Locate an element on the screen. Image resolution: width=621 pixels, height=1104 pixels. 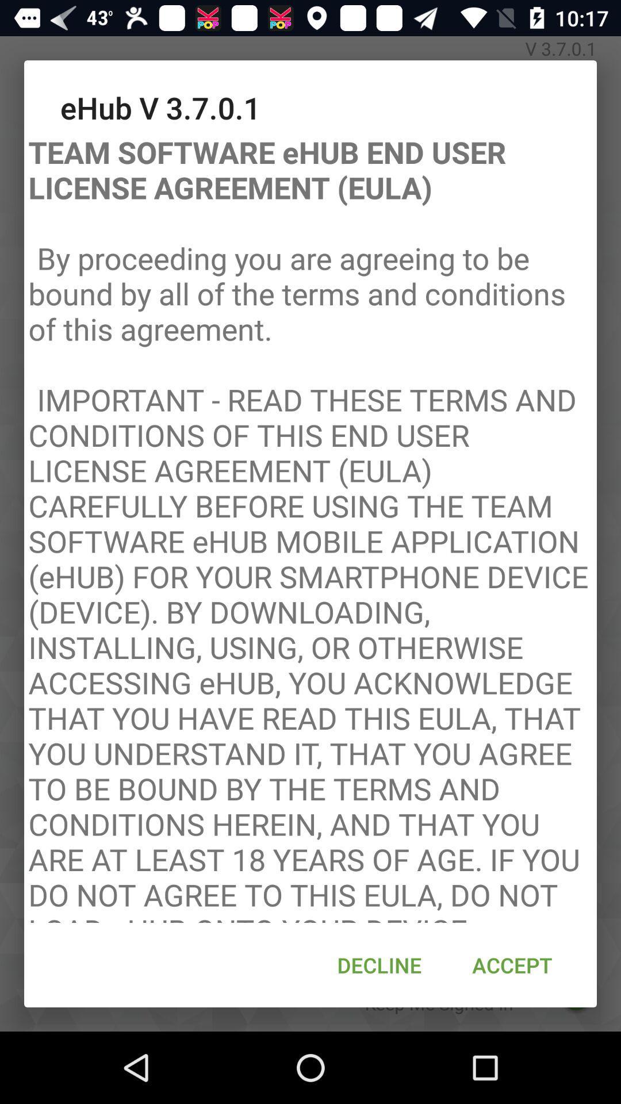
the decline icon is located at coordinates (379, 965).